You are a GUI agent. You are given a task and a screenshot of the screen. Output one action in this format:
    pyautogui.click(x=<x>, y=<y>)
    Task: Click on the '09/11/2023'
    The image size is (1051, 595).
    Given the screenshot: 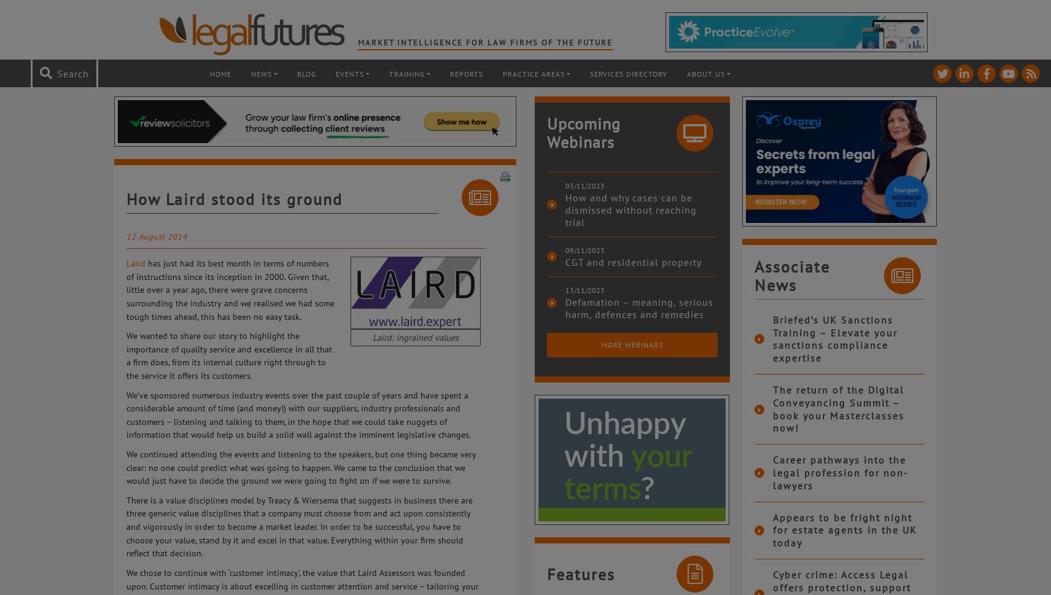 What is the action you would take?
    pyautogui.click(x=584, y=249)
    